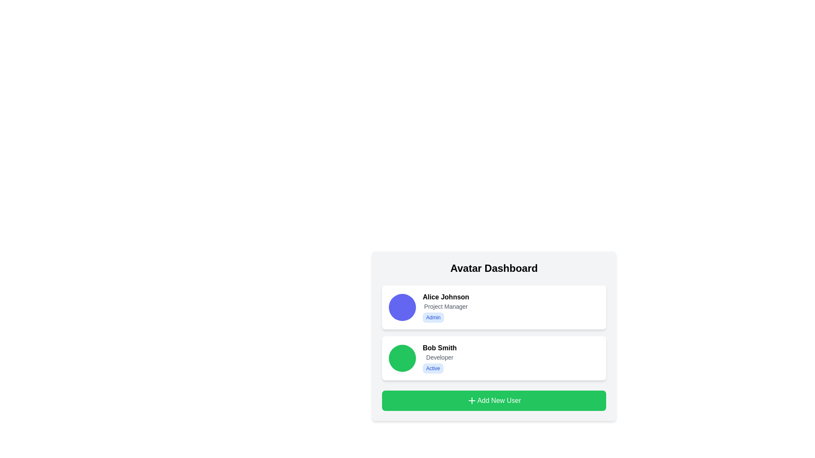 The image size is (815, 458). What do you see at coordinates (472, 401) in the screenshot?
I see `the plus icon located within the green button labeled 'Add New User'` at bounding box center [472, 401].